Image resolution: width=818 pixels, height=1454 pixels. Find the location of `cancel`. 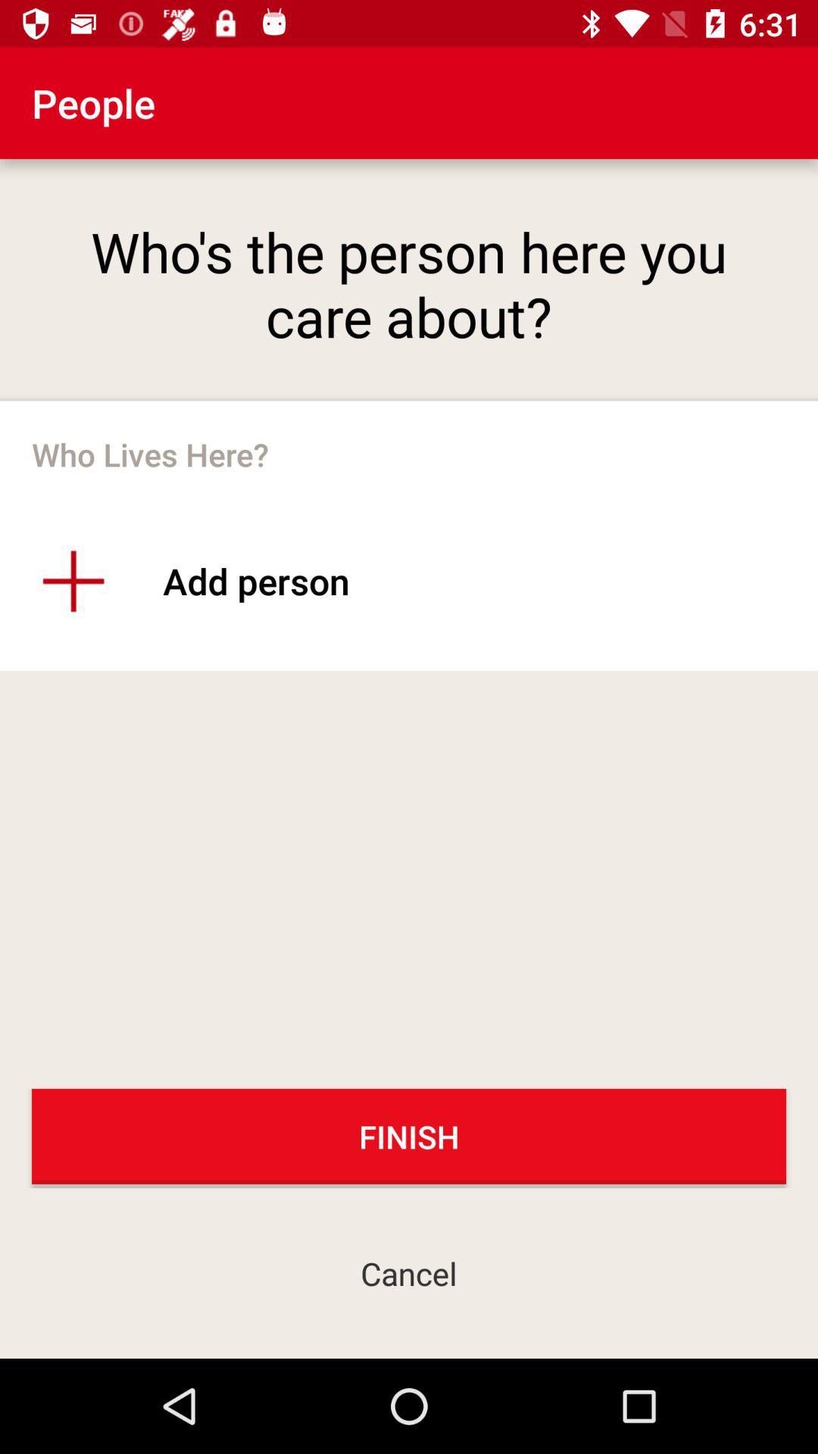

cancel is located at coordinates (409, 1272).